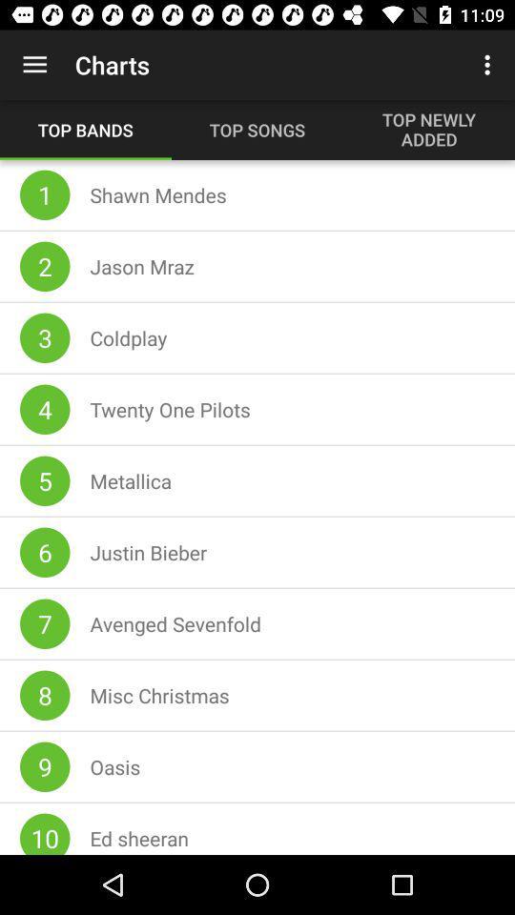 This screenshot has height=915, width=515. What do you see at coordinates (114, 766) in the screenshot?
I see `the icon above ed sheeran icon` at bounding box center [114, 766].